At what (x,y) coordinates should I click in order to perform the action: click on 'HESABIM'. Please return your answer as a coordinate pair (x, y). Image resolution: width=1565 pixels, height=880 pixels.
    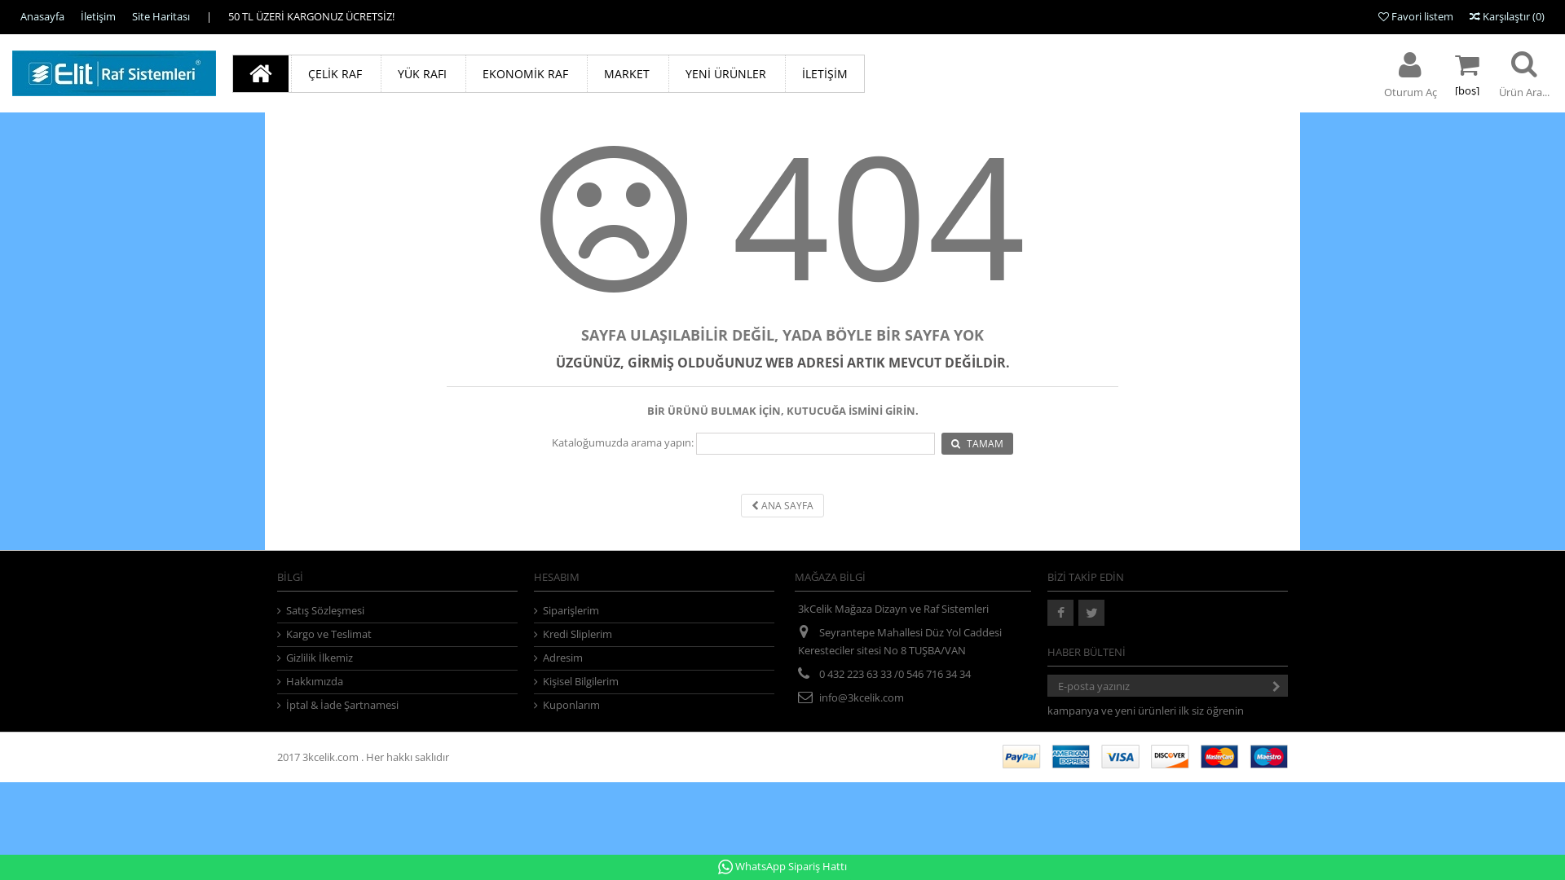
    Looking at the image, I should click on (556, 576).